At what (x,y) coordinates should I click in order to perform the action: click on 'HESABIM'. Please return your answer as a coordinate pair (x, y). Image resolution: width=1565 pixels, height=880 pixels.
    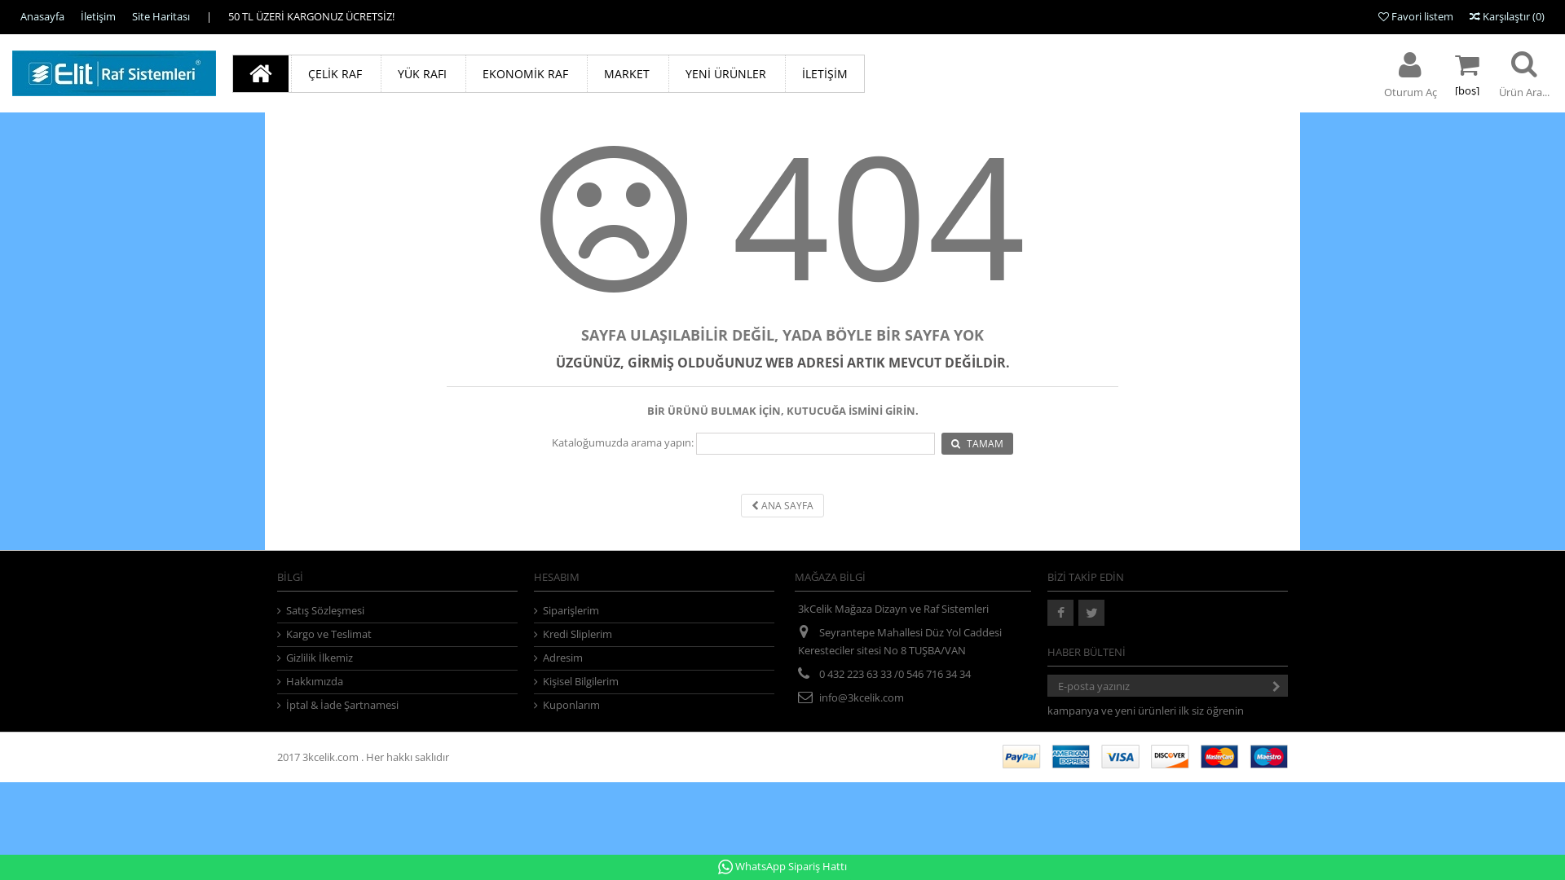
    Looking at the image, I should click on (556, 576).